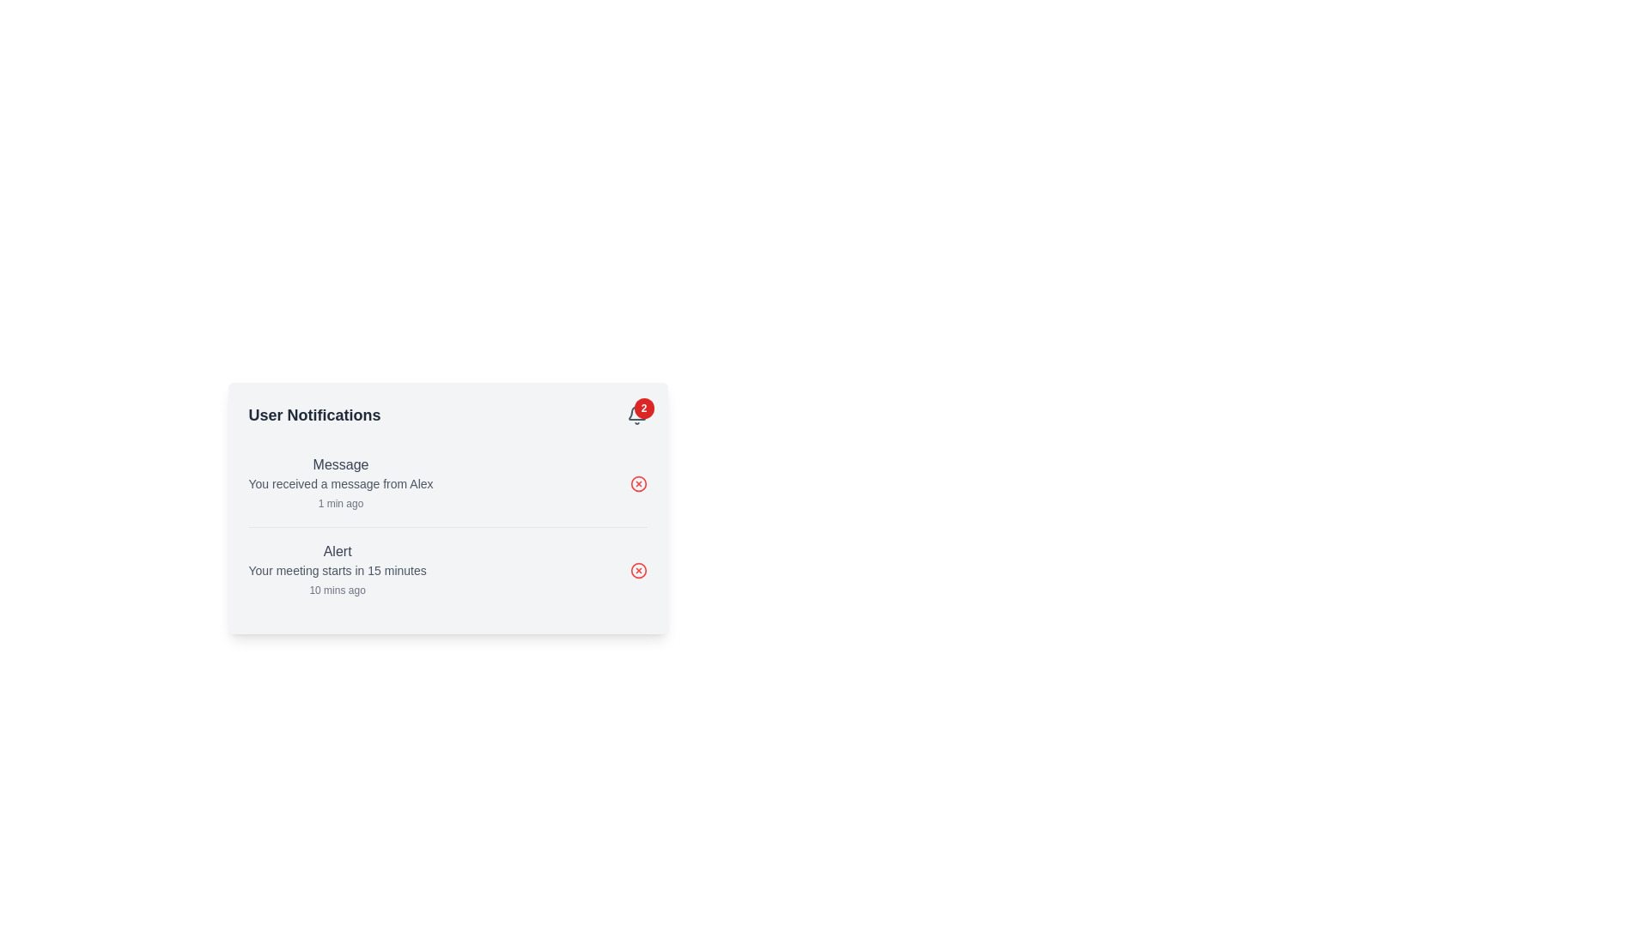 Image resolution: width=1649 pixels, height=927 pixels. I want to click on the notification message about an upcoming meeting within 15 minutes, located below the 'Alert' title and above the timestamp '10 mins ago', so click(338, 570).